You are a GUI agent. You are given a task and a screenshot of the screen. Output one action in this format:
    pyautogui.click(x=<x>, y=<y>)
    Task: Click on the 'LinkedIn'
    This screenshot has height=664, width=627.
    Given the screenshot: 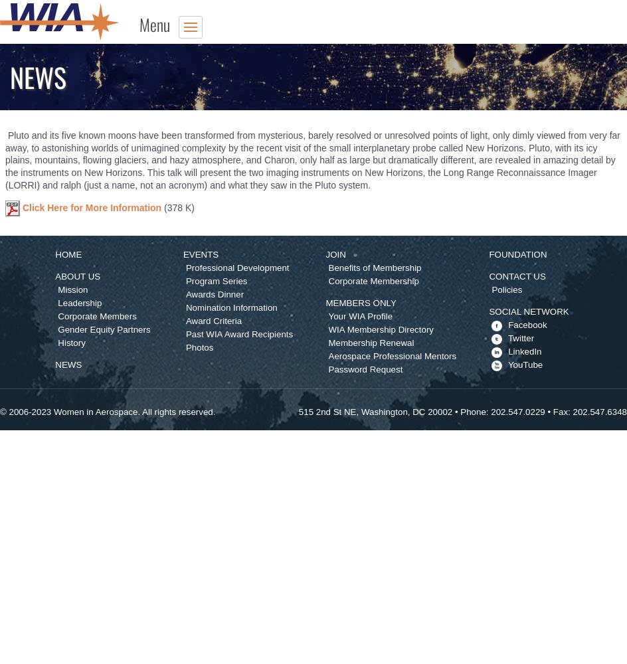 What is the action you would take?
    pyautogui.click(x=508, y=351)
    